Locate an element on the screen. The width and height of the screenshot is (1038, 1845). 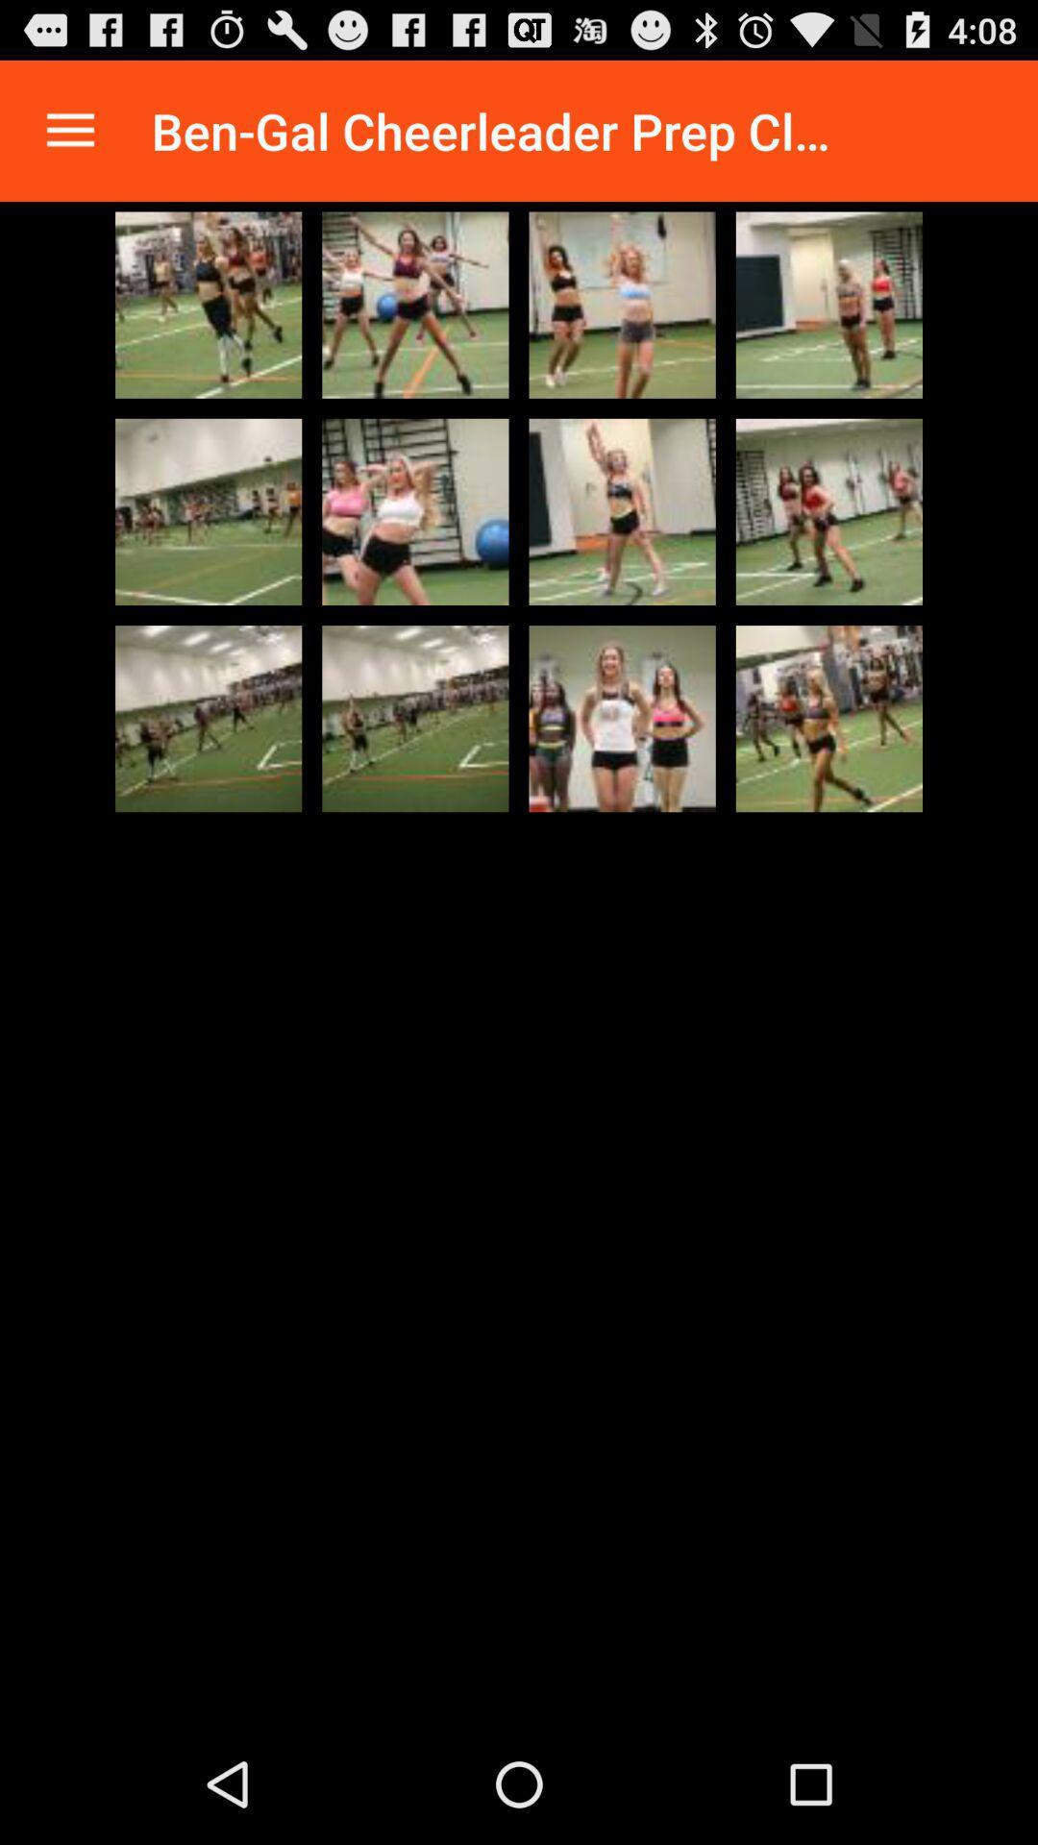
clickable picture is located at coordinates (622, 718).